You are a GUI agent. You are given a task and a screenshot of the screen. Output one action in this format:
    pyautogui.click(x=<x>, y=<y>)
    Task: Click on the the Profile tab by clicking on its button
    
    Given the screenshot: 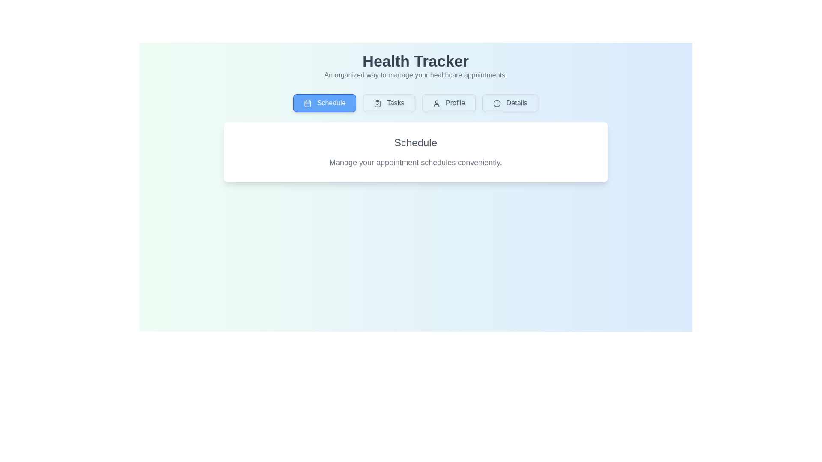 What is the action you would take?
    pyautogui.click(x=448, y=102)
    